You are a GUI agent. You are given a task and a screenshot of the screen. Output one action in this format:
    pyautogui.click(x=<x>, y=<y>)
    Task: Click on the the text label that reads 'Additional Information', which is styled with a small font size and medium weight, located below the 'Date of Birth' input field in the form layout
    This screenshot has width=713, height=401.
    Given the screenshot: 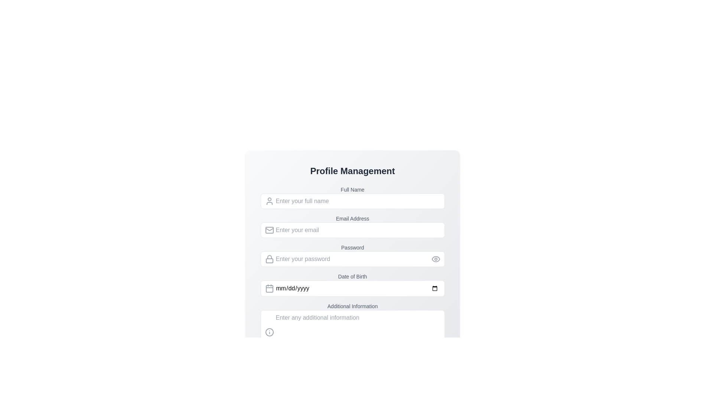 What is the action you would take?
    pyautogui.click(x=352, y=306)
    